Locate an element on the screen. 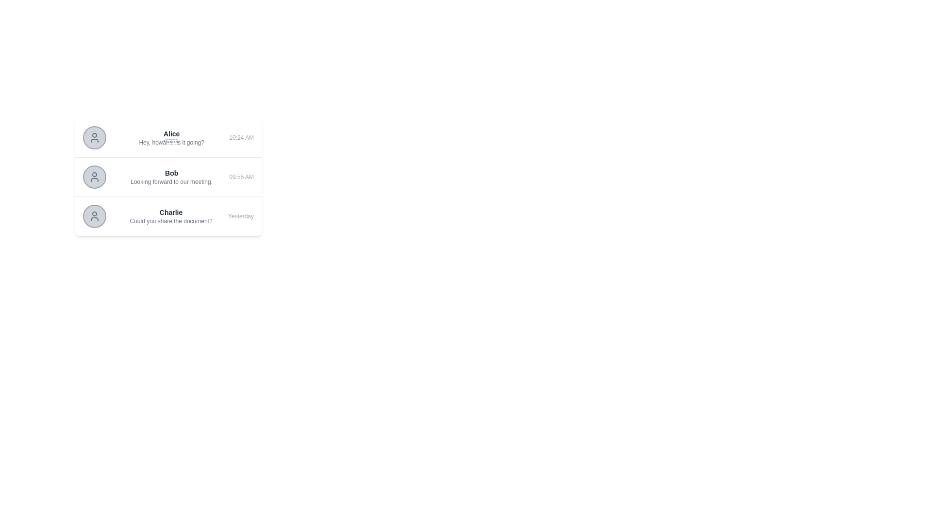  the Avatar Placeholder representing user 'Bob' is located at coordinates (95, 177).